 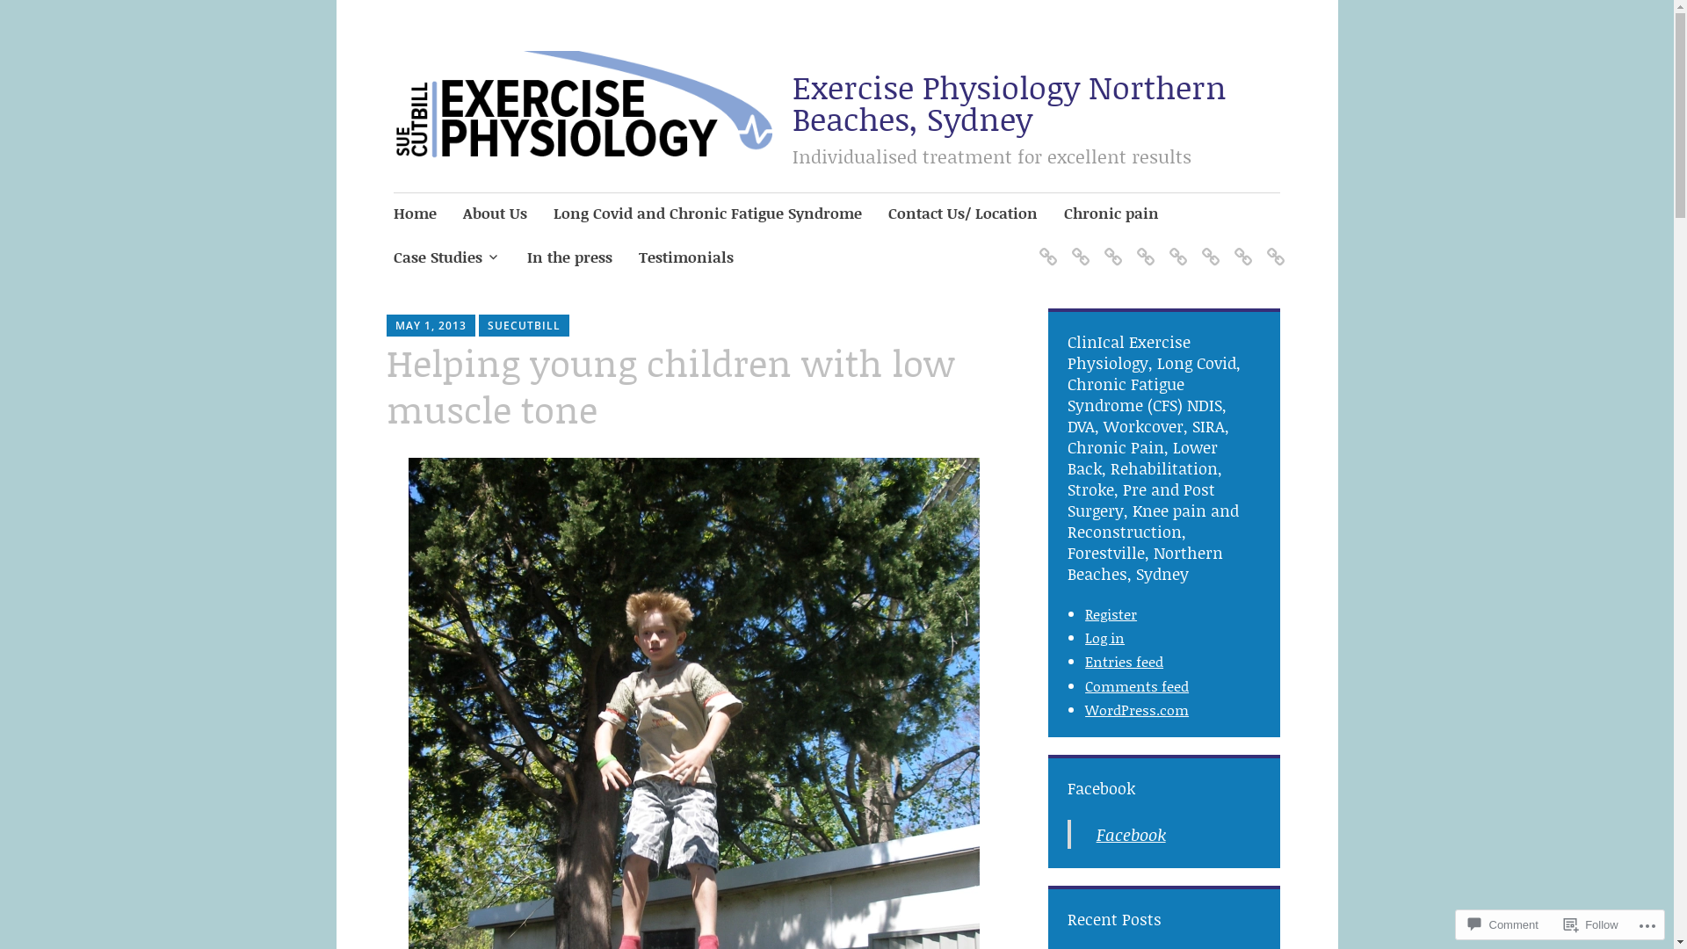 What do you see at coordinates (431, 325) in the screenshot?
I see `'MAY 1, 2013'` at bounding box center [431, 325].